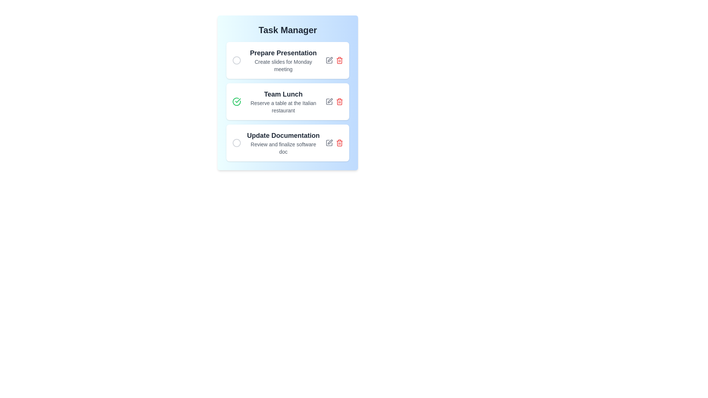 The height and width of the screenshot is (398, 708). Describe the element at coordinates (283, 60) in the screenshot. I see `the information of the task titled Prepare Presentation` at that location.